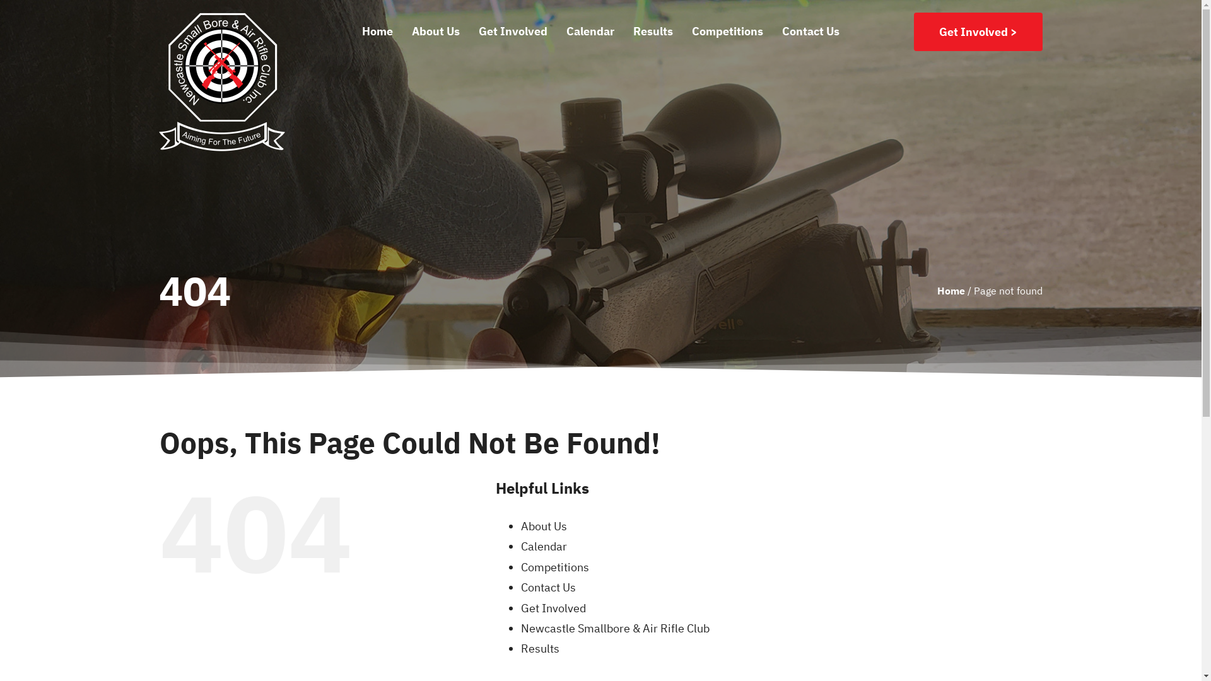 This screenshot has width=1211, height=681. What do you see at coordinates (653, 31) in the screenshot?
I see `'Results'` at bounding box center [653, 31].